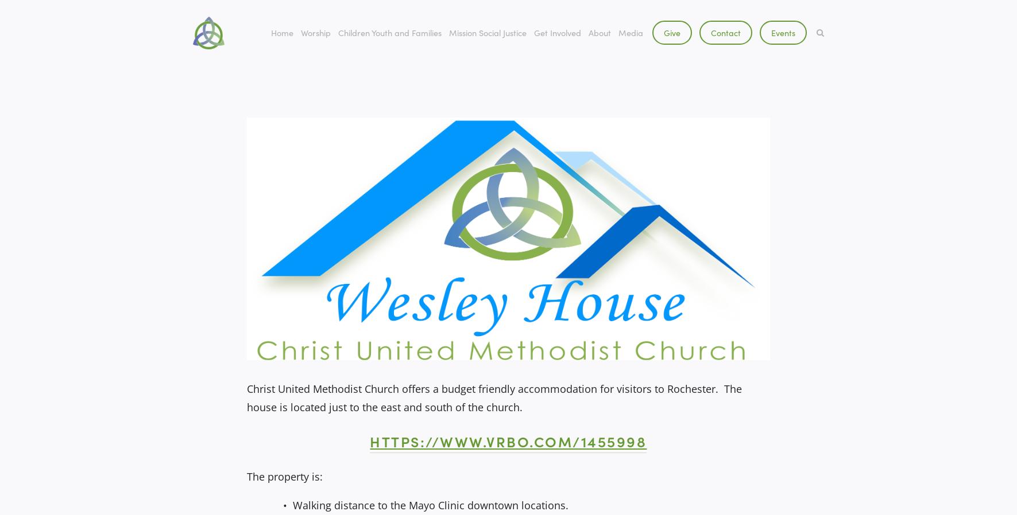 The image size is (1017, 515). What do you see at coordinates (486, 32) in the screenshot?
I see `'Mission Social Justice'` at bounding box center [486, 32].